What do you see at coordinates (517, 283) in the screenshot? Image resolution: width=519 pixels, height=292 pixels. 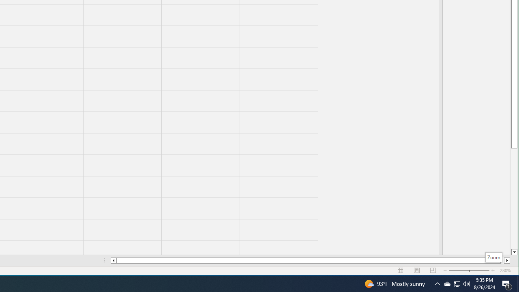 I see `'Show desktop'` at bounding box center [517, 283].